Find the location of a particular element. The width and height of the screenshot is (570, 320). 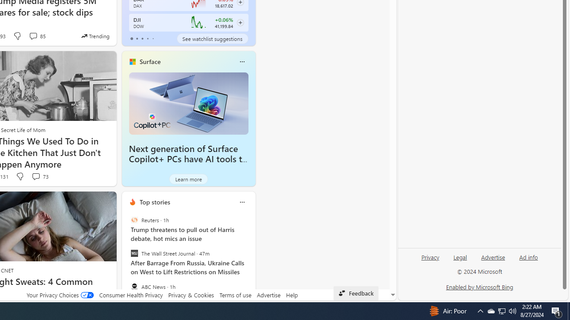

'Surface' is located at coordinates (150, 61).